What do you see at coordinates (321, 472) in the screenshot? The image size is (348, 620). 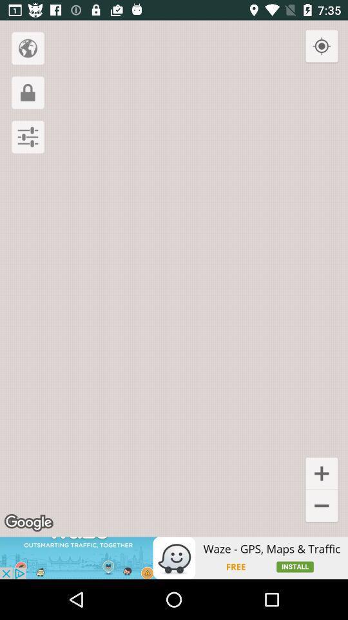 I see `the add icon` at bounding box center [321, 472].